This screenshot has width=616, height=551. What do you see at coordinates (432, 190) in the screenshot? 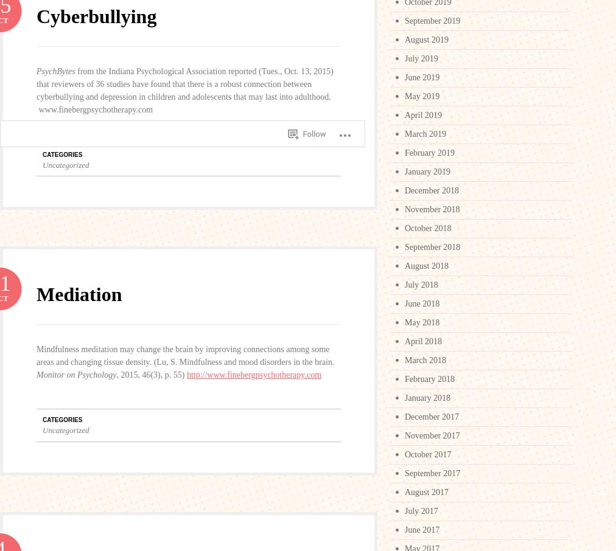
I see `'December 2018'` at bounding box center [432, 190].